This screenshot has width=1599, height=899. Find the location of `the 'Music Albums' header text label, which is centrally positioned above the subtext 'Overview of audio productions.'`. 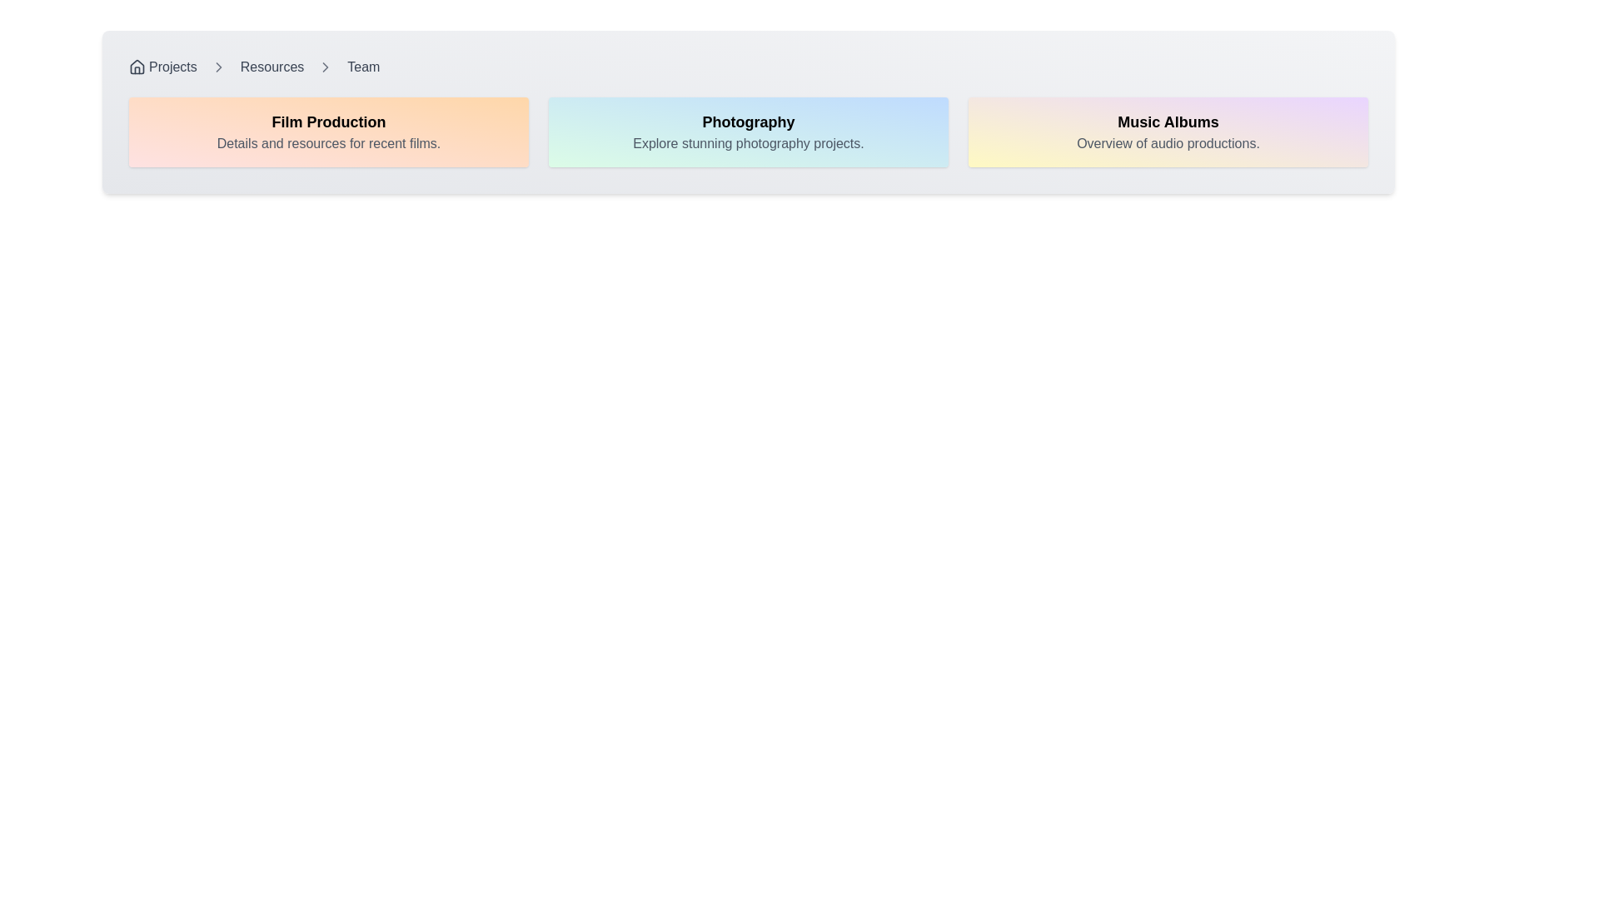

the 'Music Albums' header text label, which is centrally positioned above the subtext 'Overview of audio productions.' is located at coordinates (1167, 121).